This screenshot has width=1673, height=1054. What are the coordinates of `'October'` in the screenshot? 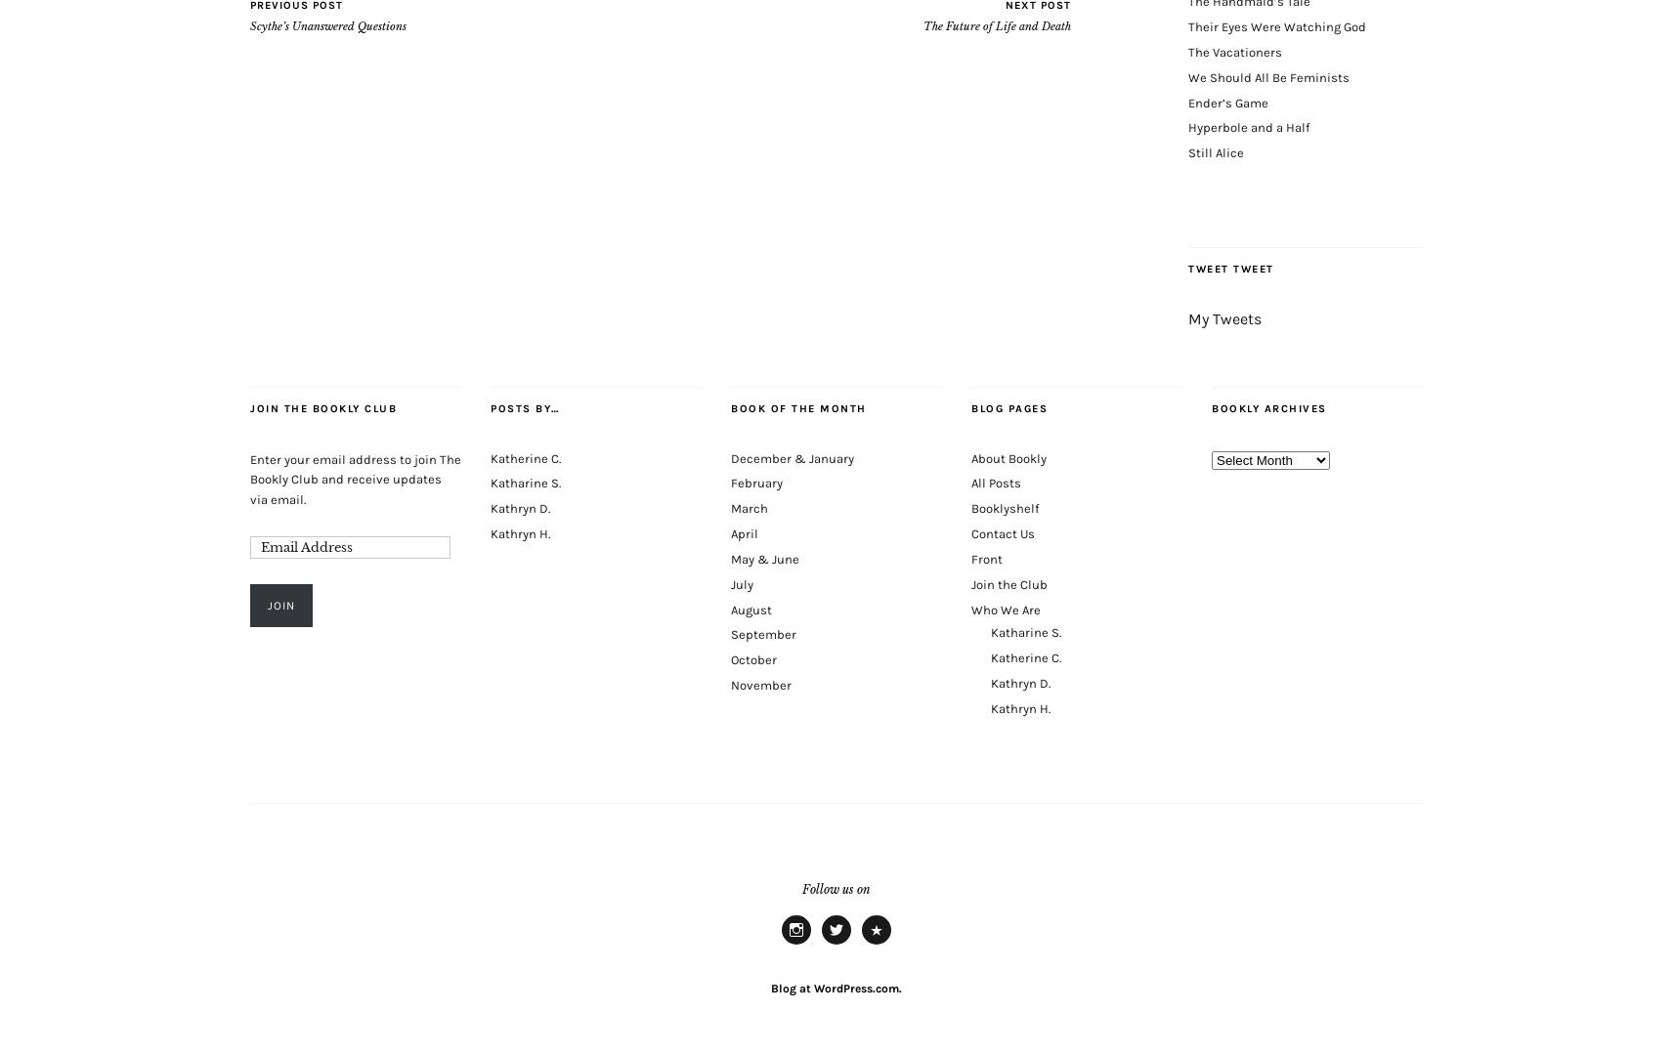 It's located at (730, 659).